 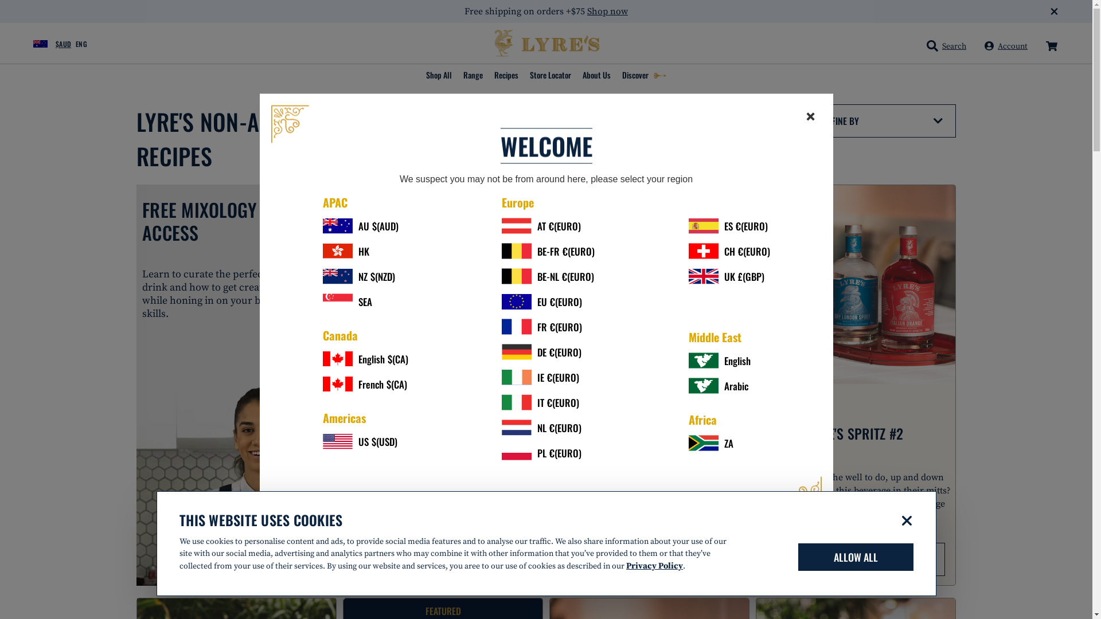 What do you see at coordinates (45, 42) in the screenshot?
I see `'$AUD'` at bounding box center [45, 42].